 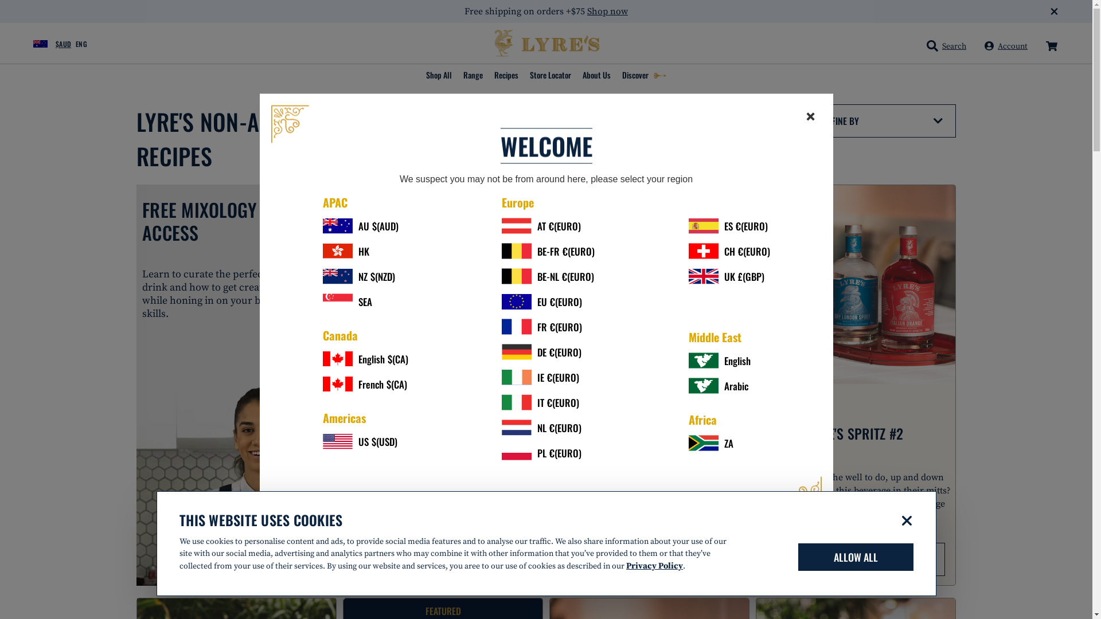 What do you see at coordinates (45, 42) in the screenshot?
I see `'$AUD'` at bounding box center [45, 42].